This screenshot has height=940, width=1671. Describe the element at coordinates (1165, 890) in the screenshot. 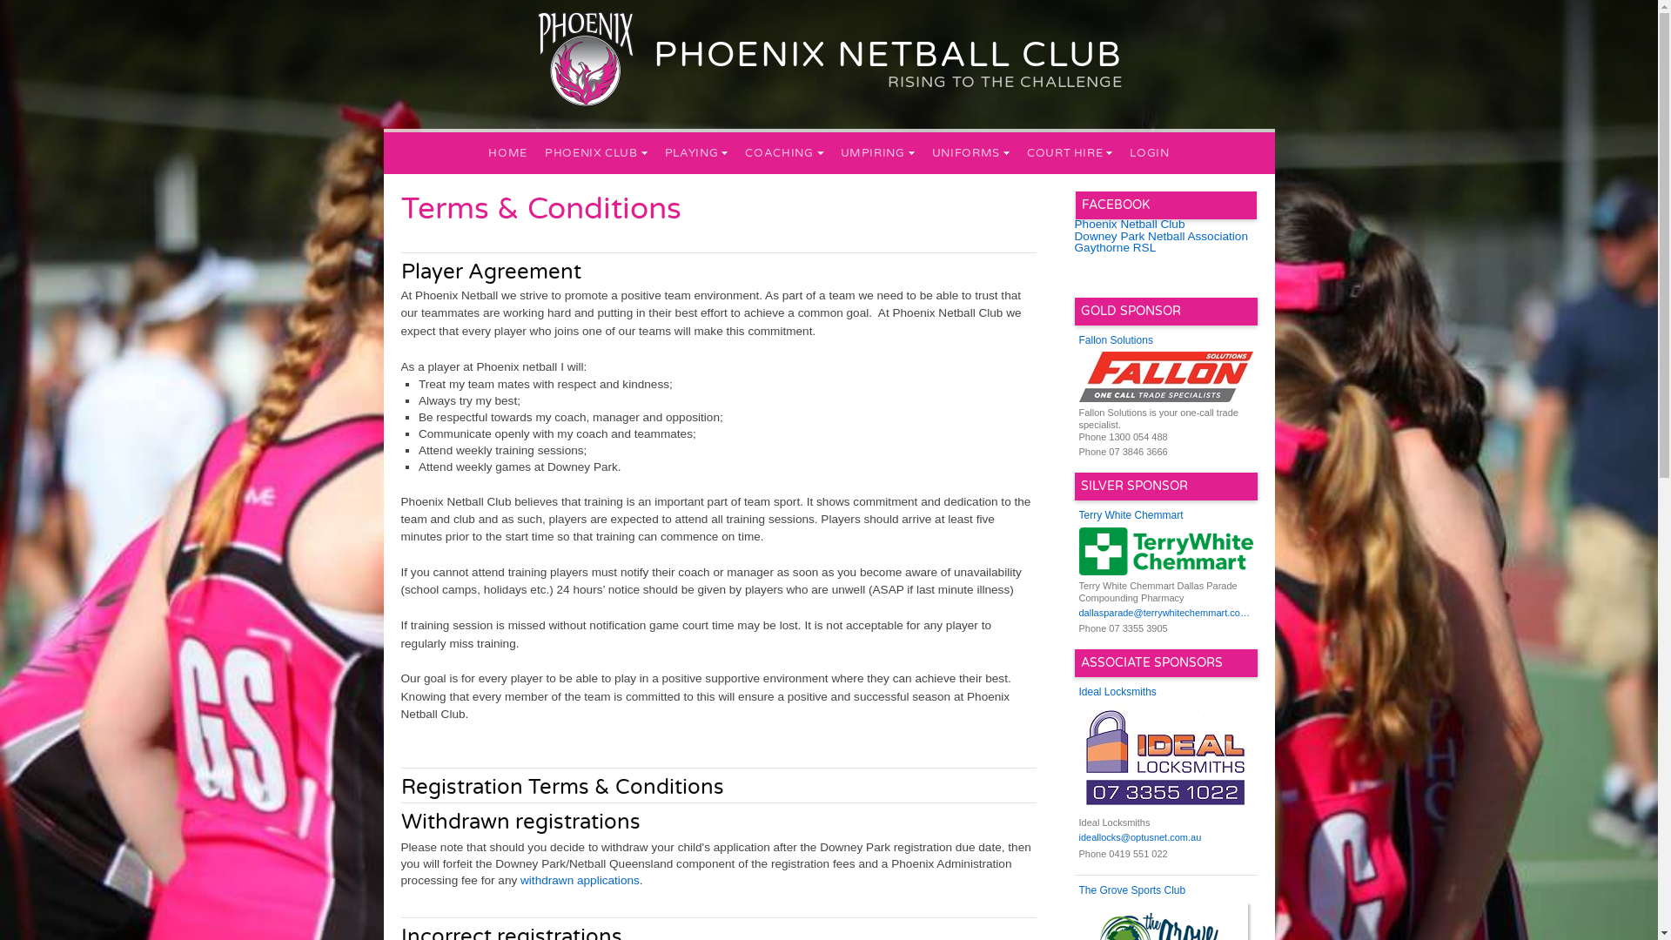

I see `'The Grove Sports Club'` at that location.